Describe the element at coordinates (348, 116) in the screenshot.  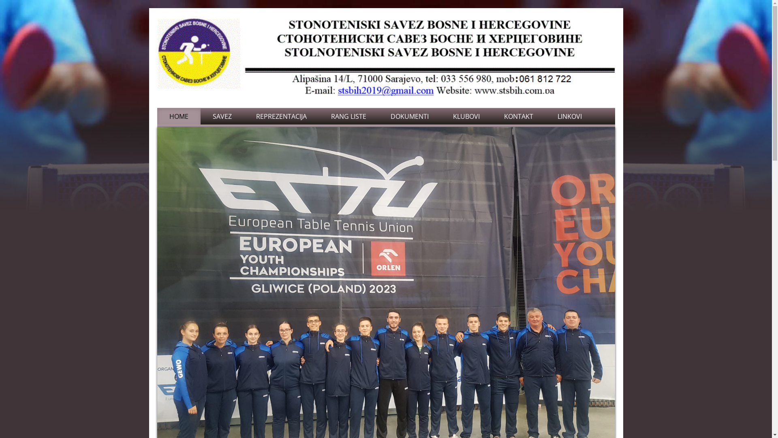
I see `'RANG LISTE'` at that location.